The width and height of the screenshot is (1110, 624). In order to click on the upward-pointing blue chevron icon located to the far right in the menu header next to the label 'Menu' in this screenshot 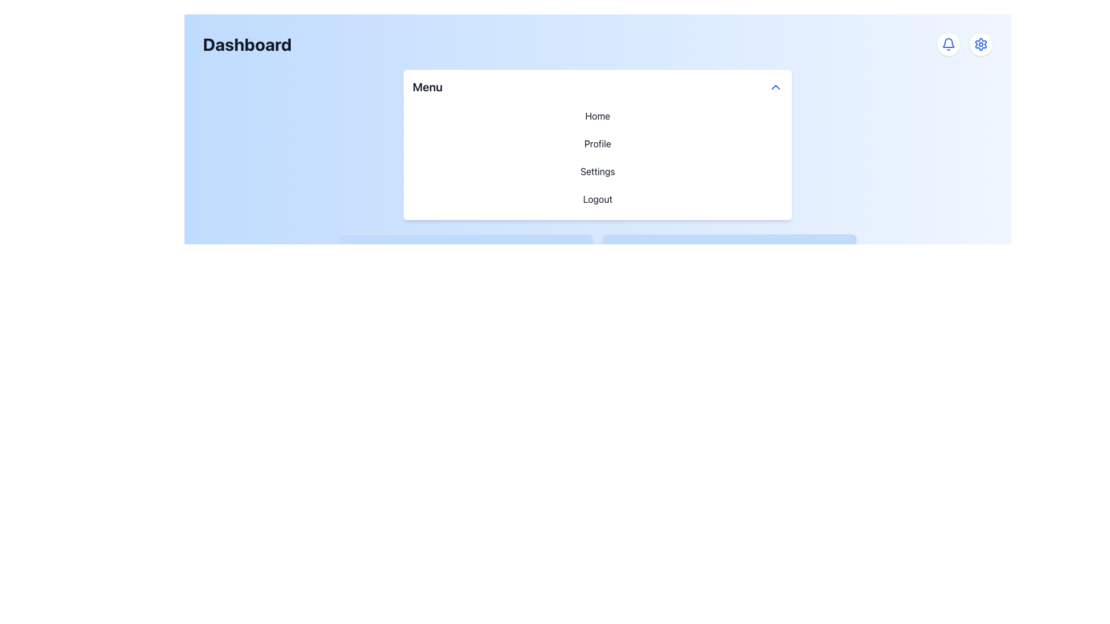, I will do `click(776, 86)`.